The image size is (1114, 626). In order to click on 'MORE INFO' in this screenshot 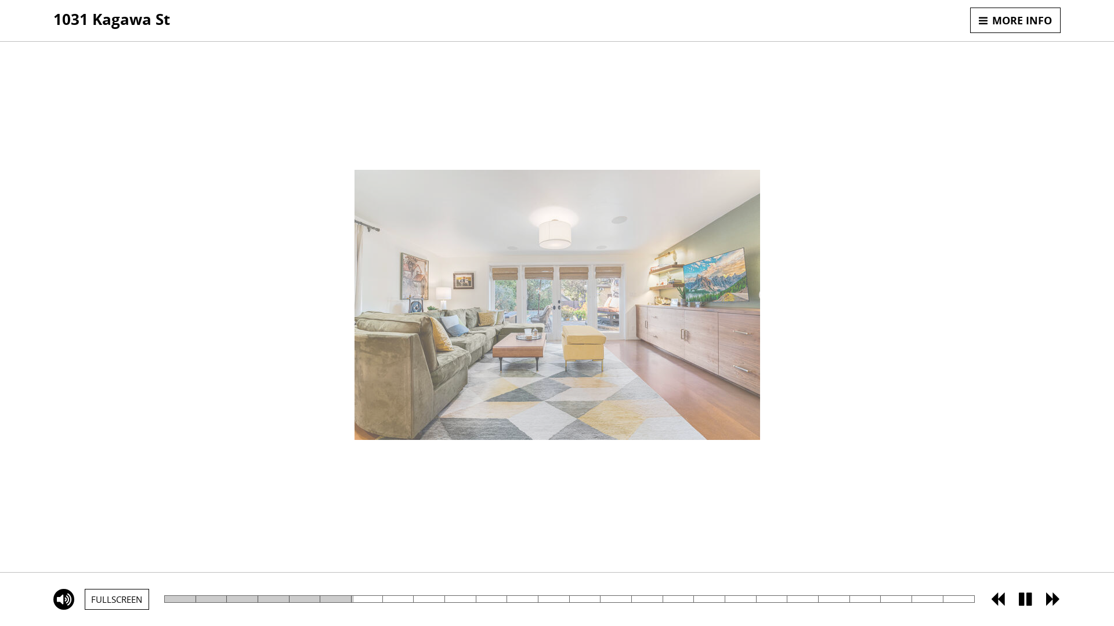, I will do `click(970, 20)`.